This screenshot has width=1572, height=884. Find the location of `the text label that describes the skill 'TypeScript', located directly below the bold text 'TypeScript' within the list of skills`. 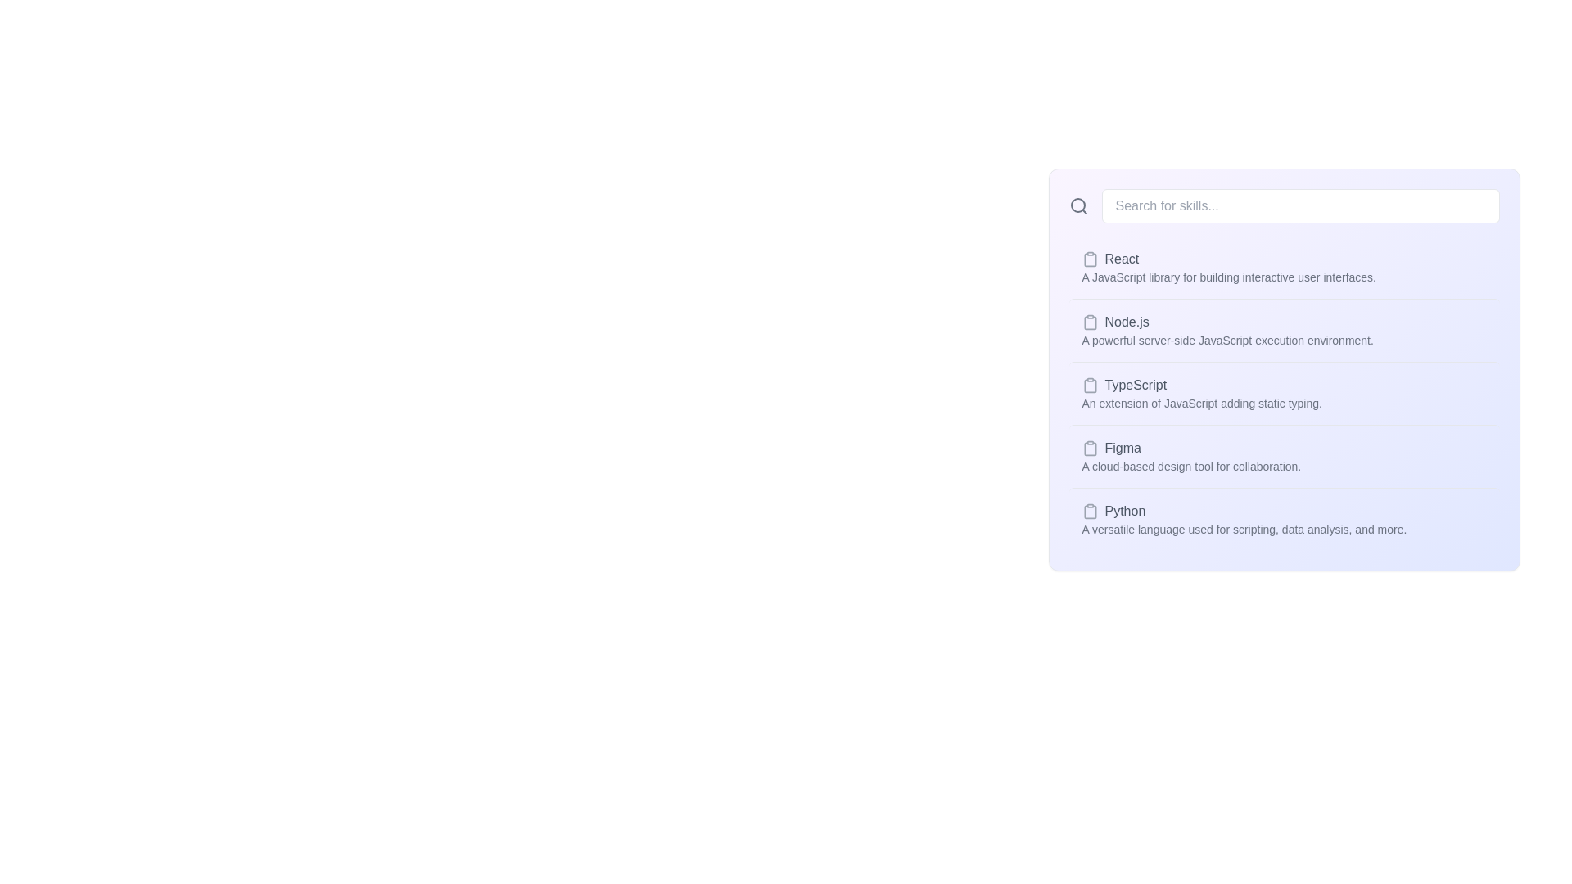

the text label that describes the skill 'TypeScript', located directly below the bold text 'TypeScript' within the list of skills is located at coordinates (1202, 404).